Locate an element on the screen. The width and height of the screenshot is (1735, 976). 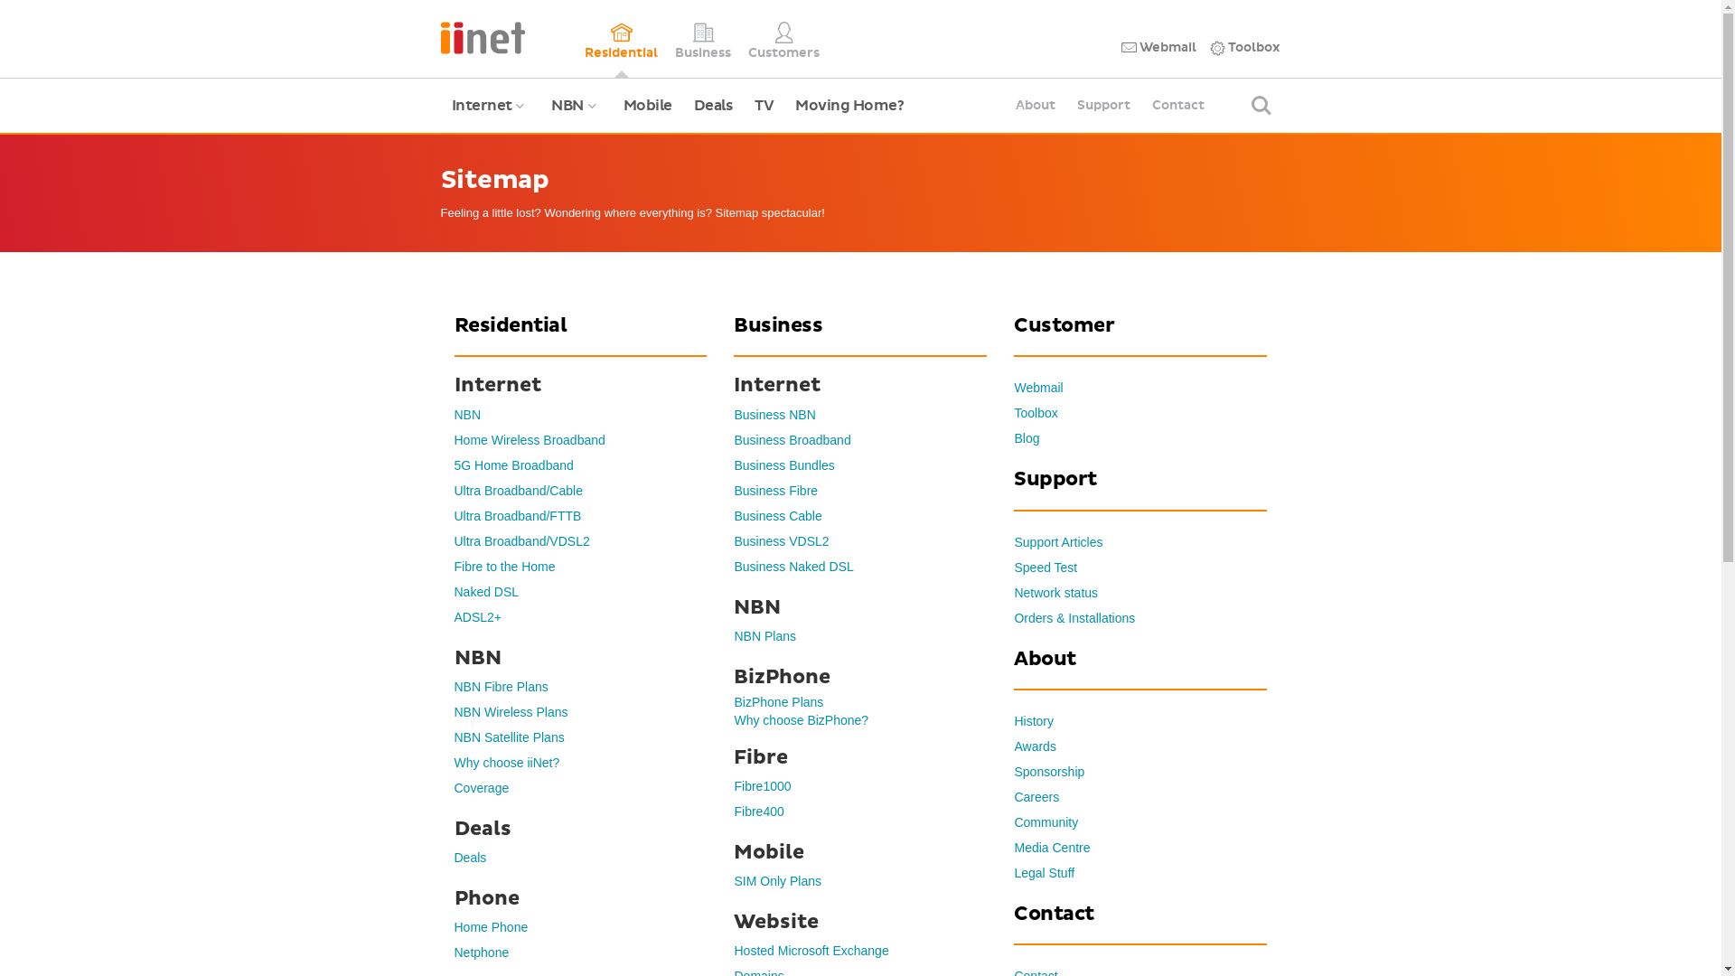
'Fibre to the Home' is located at coordinates (503, 566).